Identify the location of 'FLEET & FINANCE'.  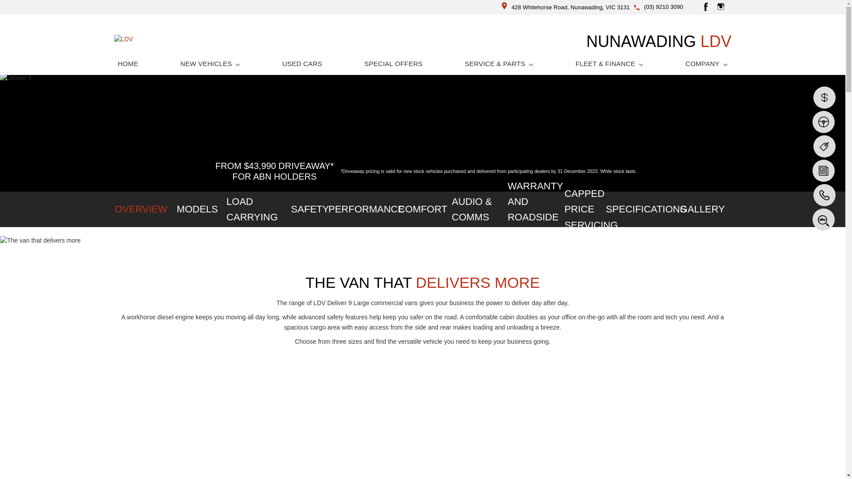
(609, 63).